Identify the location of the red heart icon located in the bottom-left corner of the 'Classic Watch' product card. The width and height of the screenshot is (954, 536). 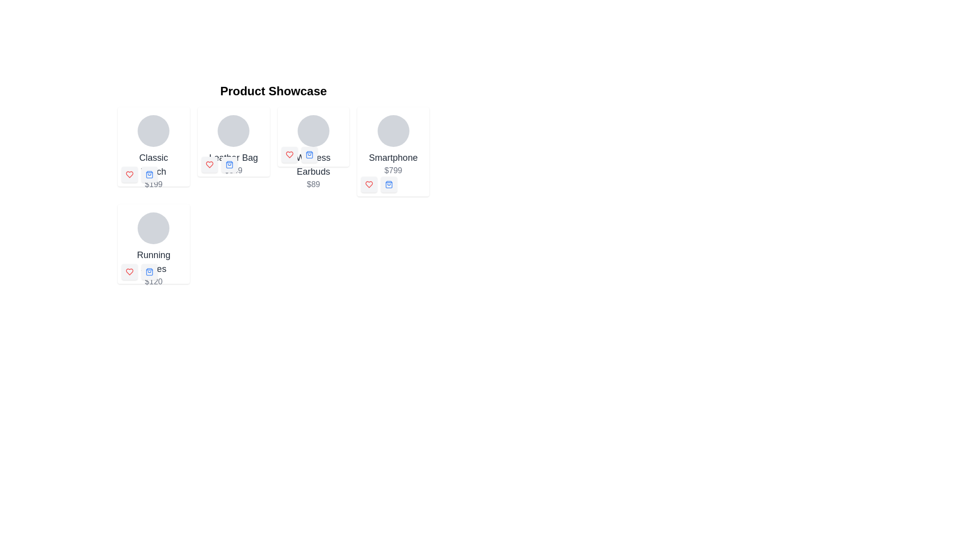
(139, 174).